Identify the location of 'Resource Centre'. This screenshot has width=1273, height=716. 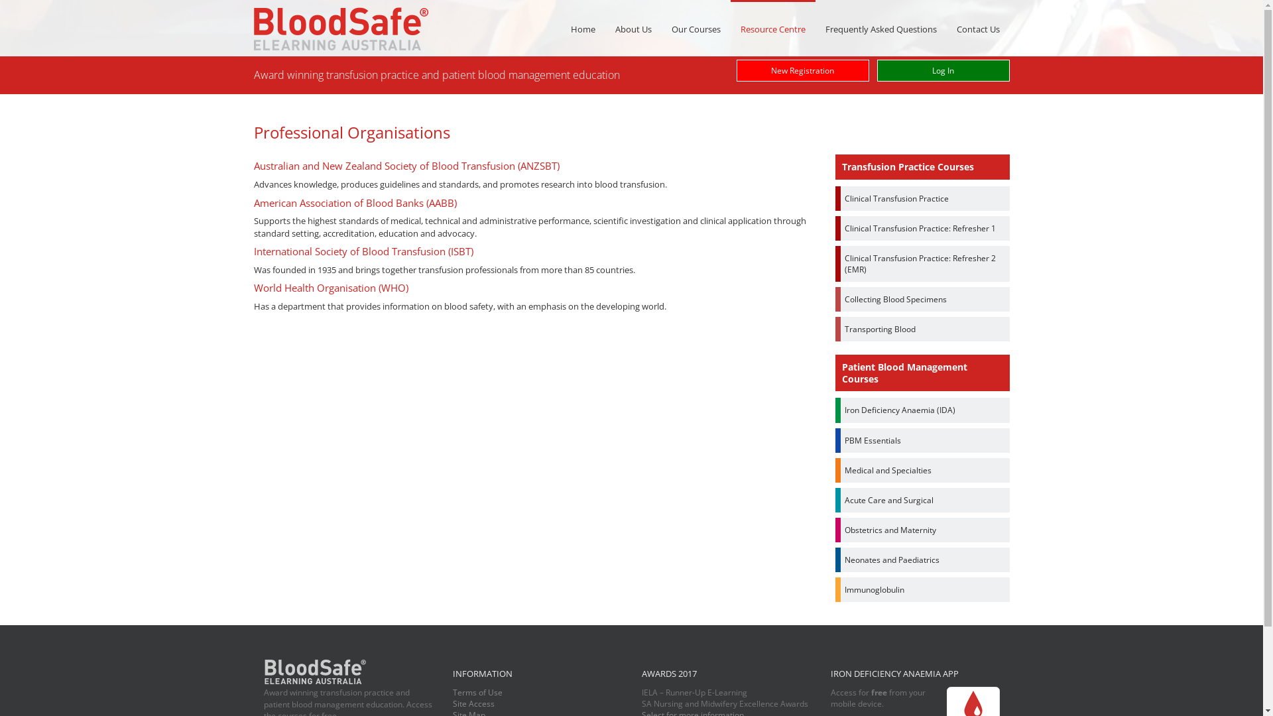
(773, 28).